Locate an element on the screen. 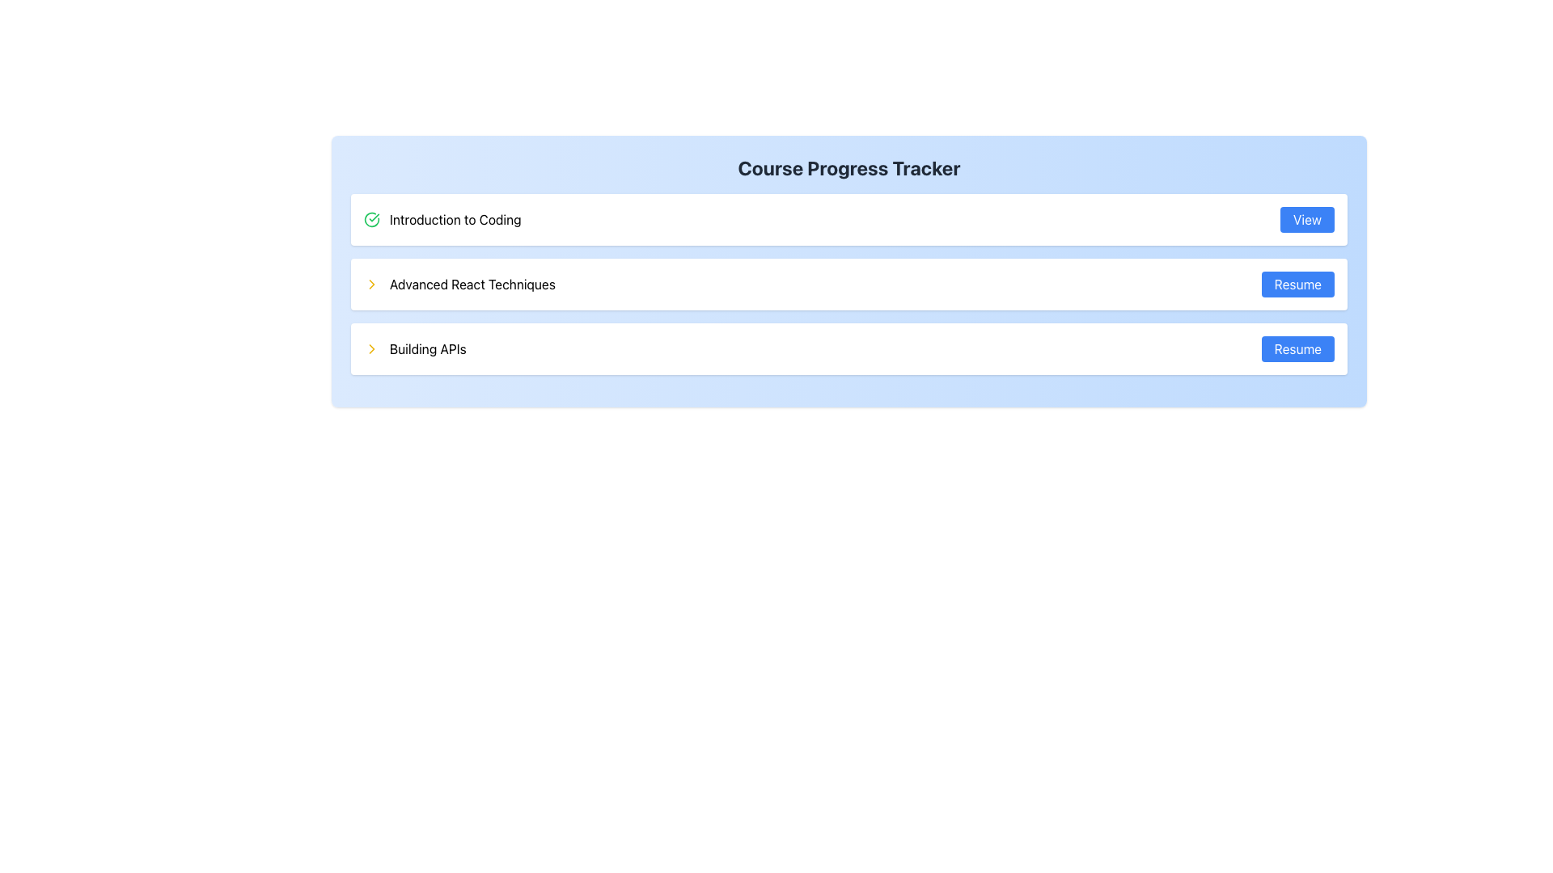 The height and width of the screenshot is (873, 1553). the text label displaying 'Introduction to Coding' is located at coordinates (455, 220).